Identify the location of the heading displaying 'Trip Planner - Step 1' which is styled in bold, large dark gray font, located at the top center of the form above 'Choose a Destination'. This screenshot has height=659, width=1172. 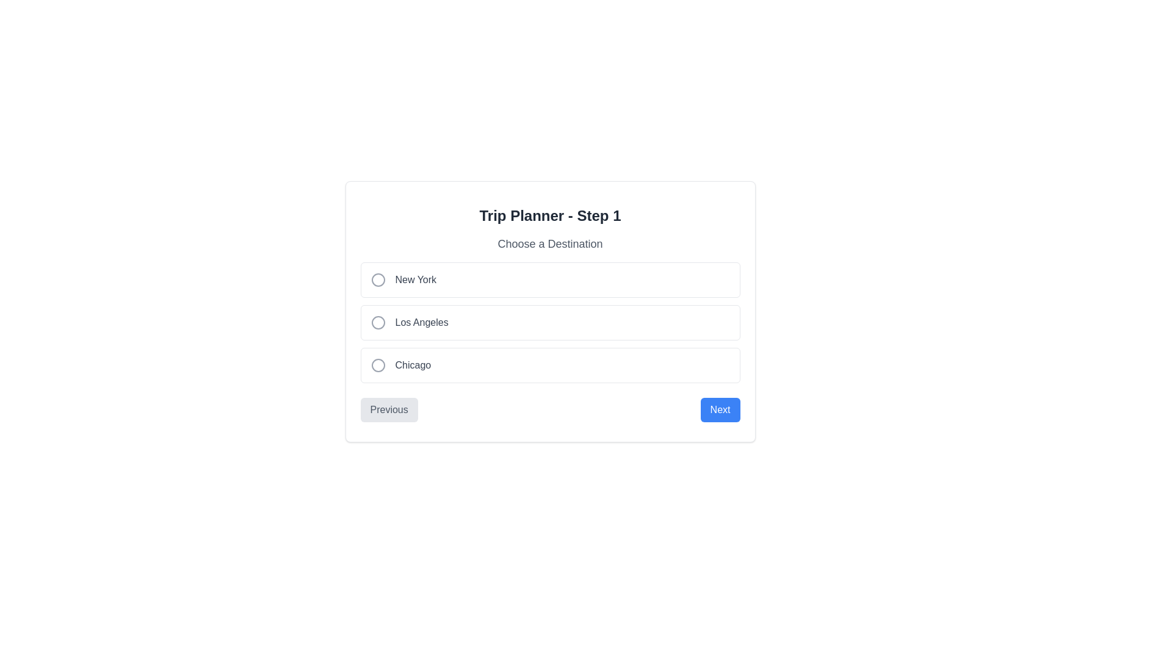
(549, 215).